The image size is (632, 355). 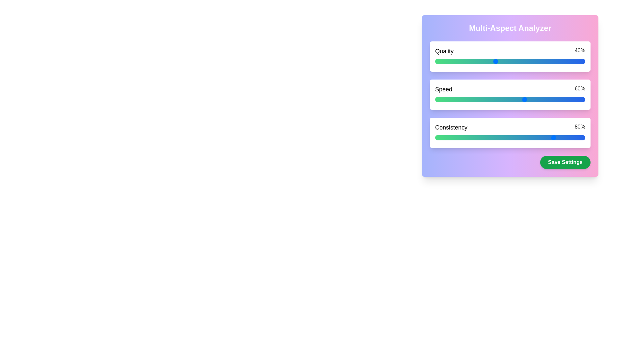 I want to click on quality, so click(x=513, y=61).